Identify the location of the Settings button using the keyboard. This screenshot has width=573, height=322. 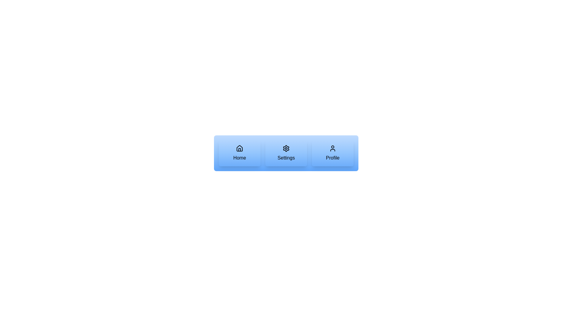
(286, 153).